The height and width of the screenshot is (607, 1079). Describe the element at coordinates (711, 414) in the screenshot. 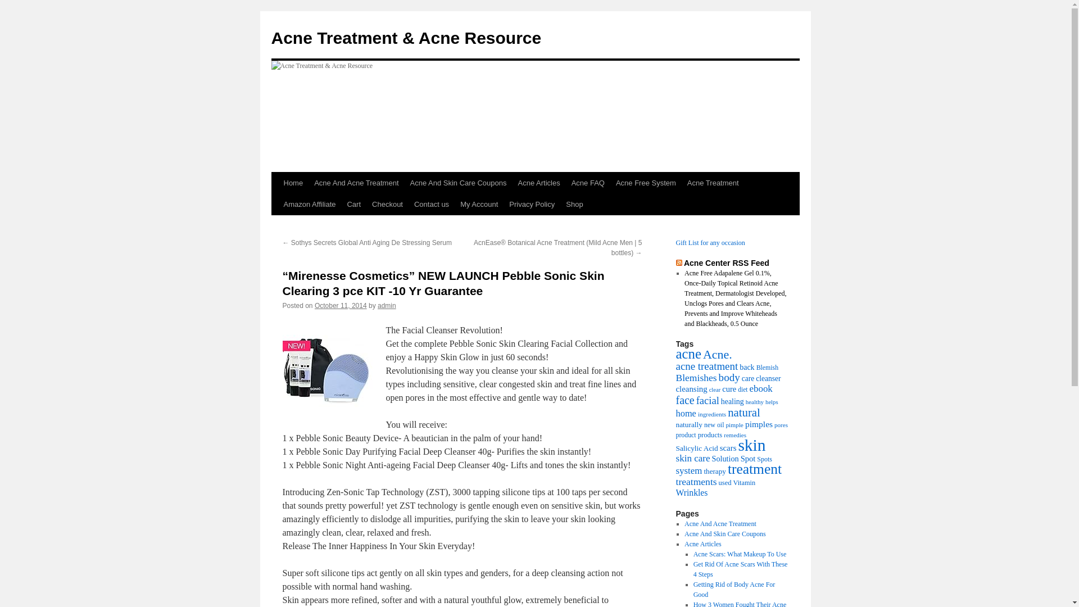

I see `'ingredients'` at that location.